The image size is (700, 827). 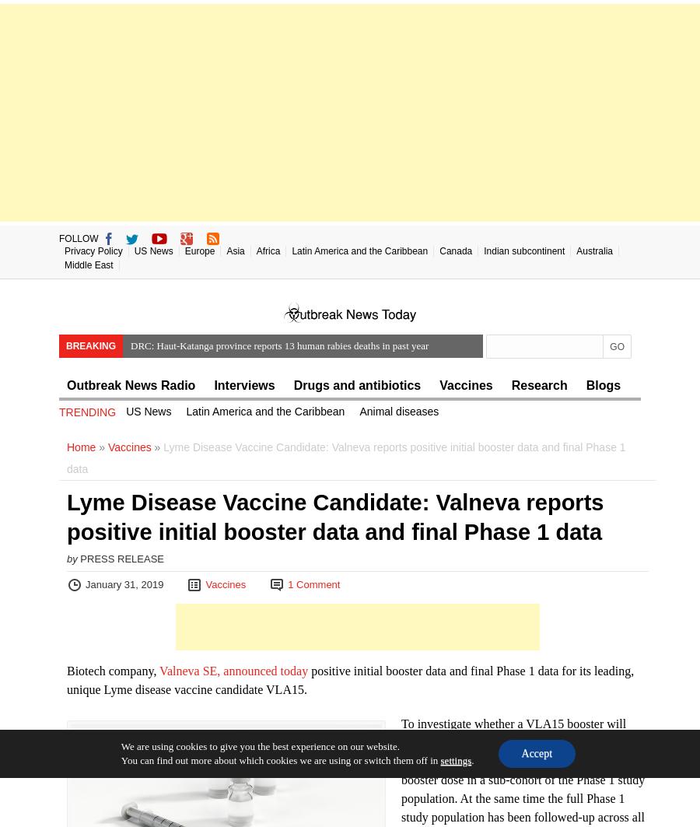 What do you see at coordinates (287, 583) in the screenshot?
I see `'1 Comment'` at bounding box center [287, 583].